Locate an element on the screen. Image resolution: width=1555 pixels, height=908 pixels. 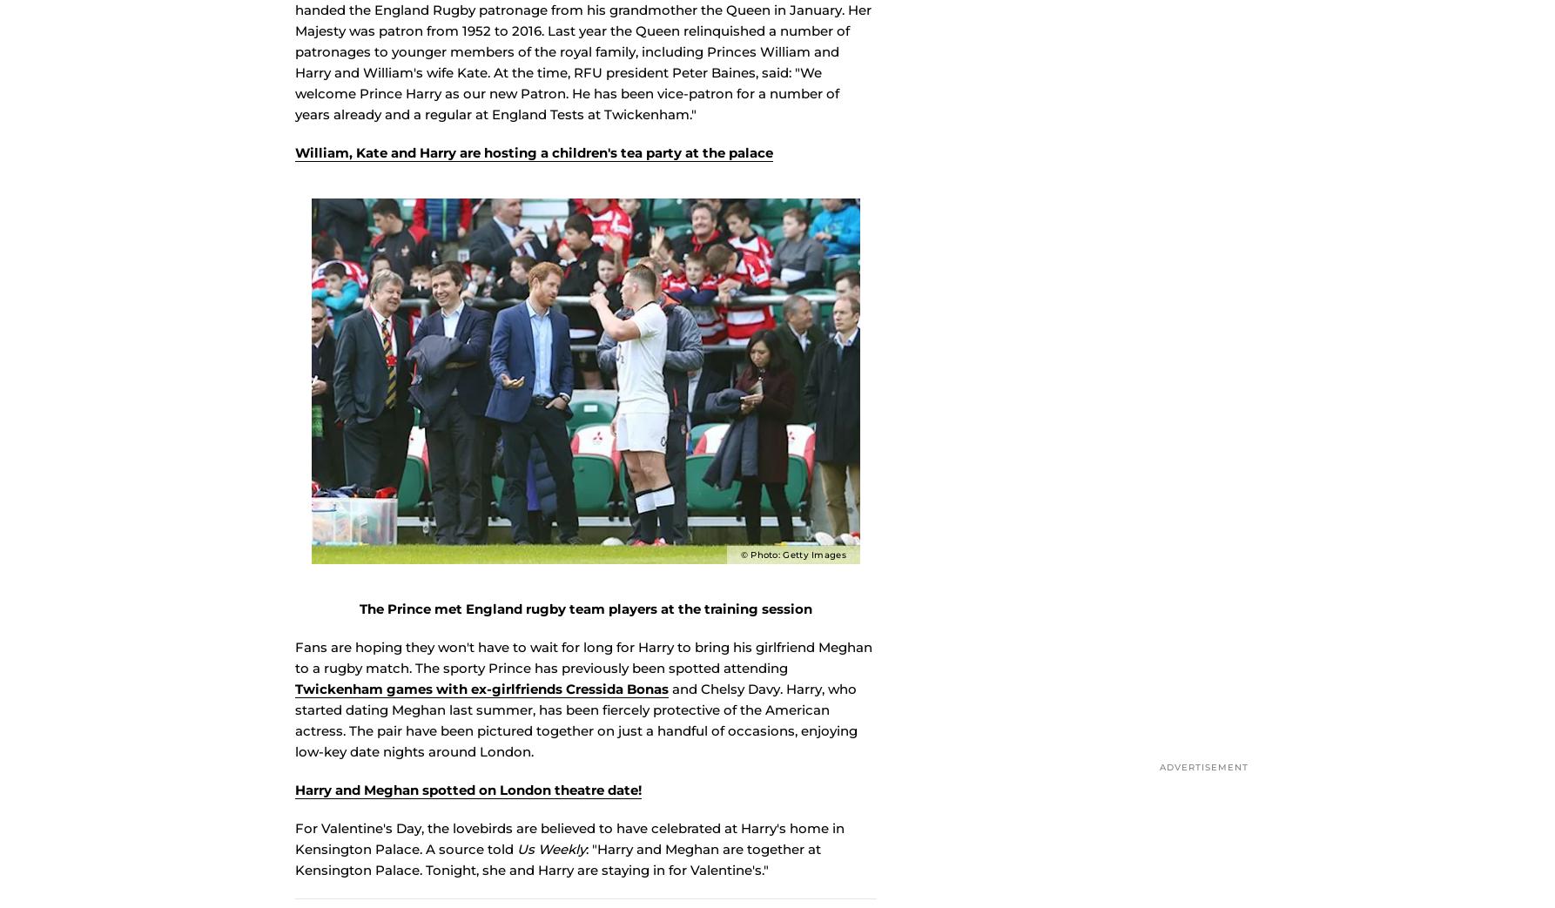
'girlfriend Meghan Markle' is located at coordinates (742, 14).